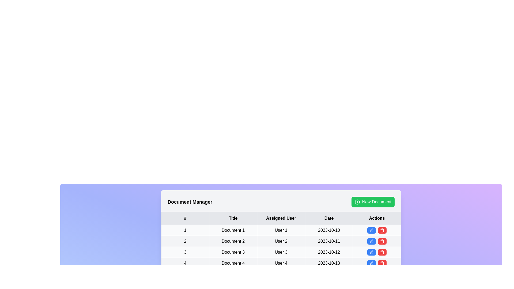 The height and width of the screenshot is (289, 514). Describe the element at coordinates (281, 230) in the screenshot. I see `the non-interactive label displaying the assigned user's name in the first row of the 'Document Manager' table, located in the third column` at that location.